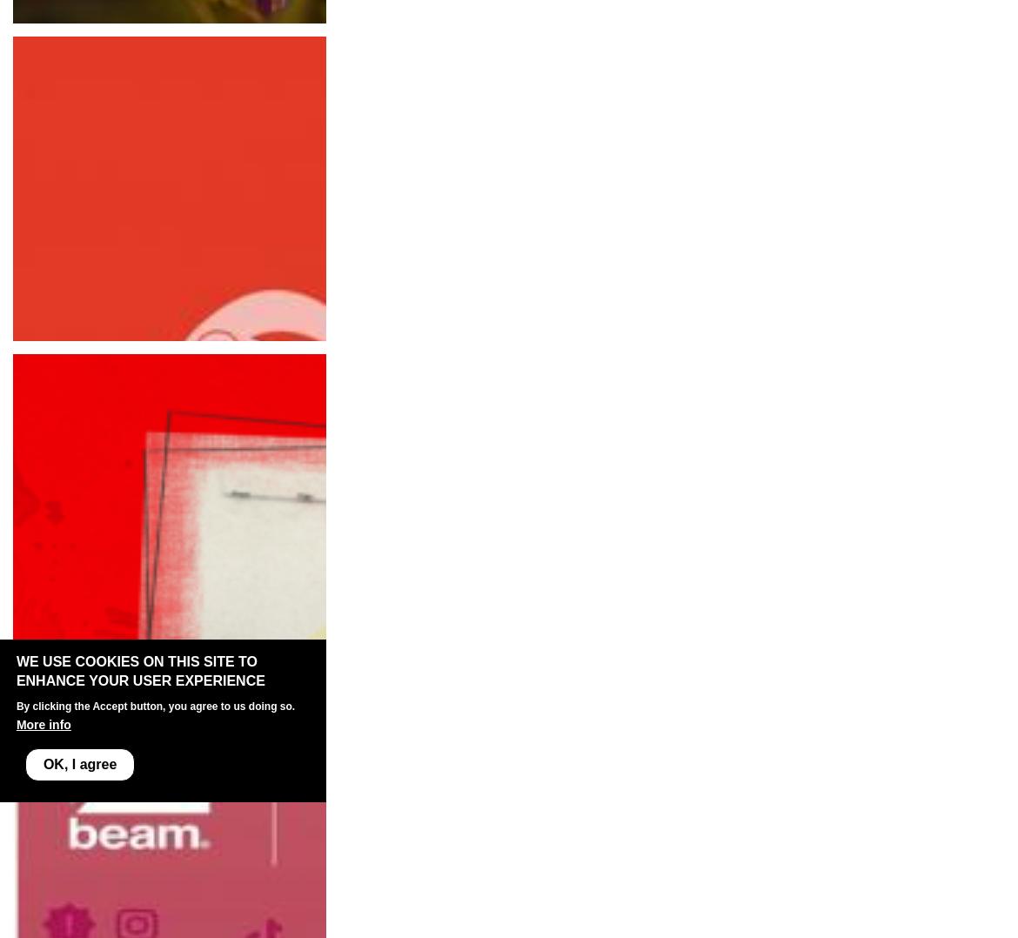  What do you see at coordinates (125, 41) in the screenshot?
I see `'Editorial / Opinion Piece / Blog Post'` at bounding box center [125, 41].